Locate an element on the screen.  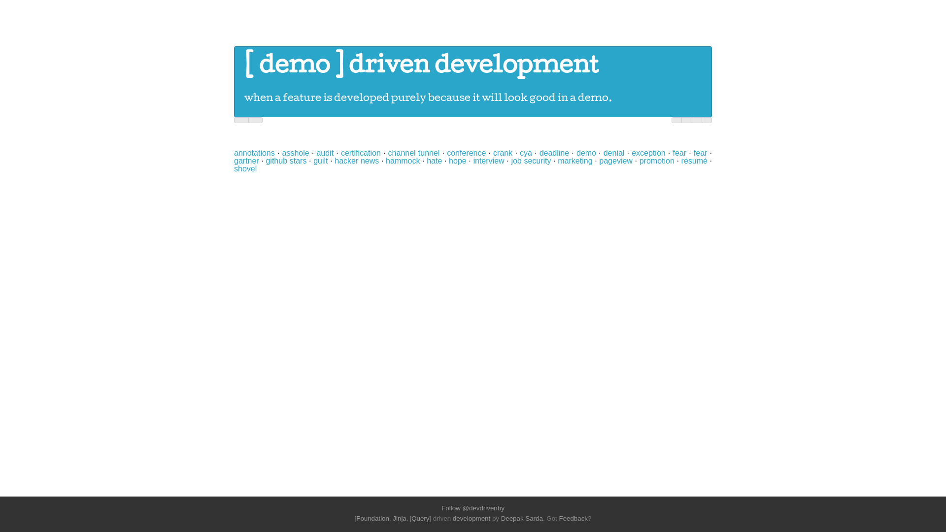
'Feedback' is located at coordinates (573, 518).